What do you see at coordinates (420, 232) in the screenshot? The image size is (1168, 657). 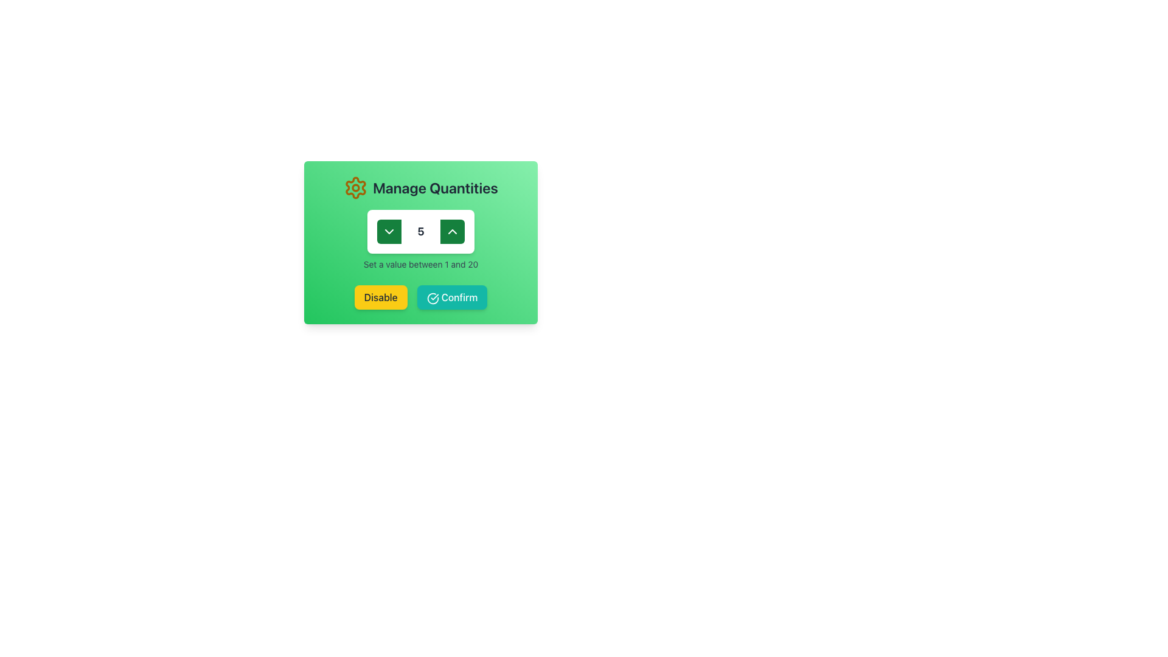 I see `the numeric text input field displaying the value '5', which has a white background, bold black centered text, and a gray border` at bounding box center [420, 232].